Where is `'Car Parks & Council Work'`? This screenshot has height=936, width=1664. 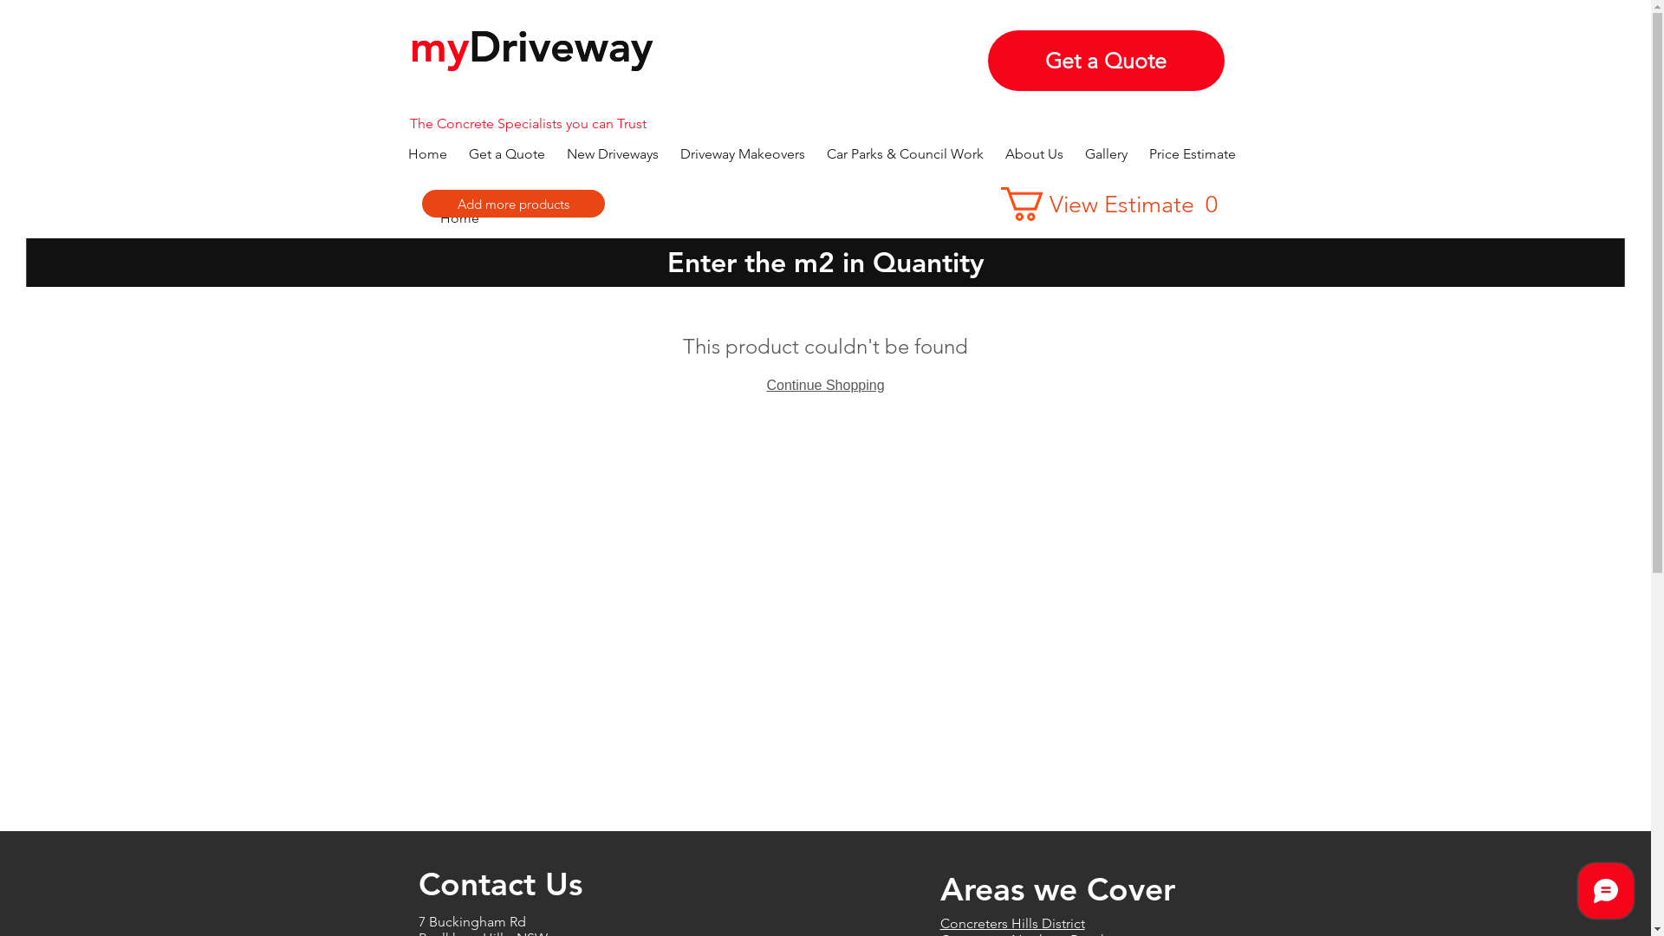 'Car Parks & Council Work' is located at coordinates (817, 153).